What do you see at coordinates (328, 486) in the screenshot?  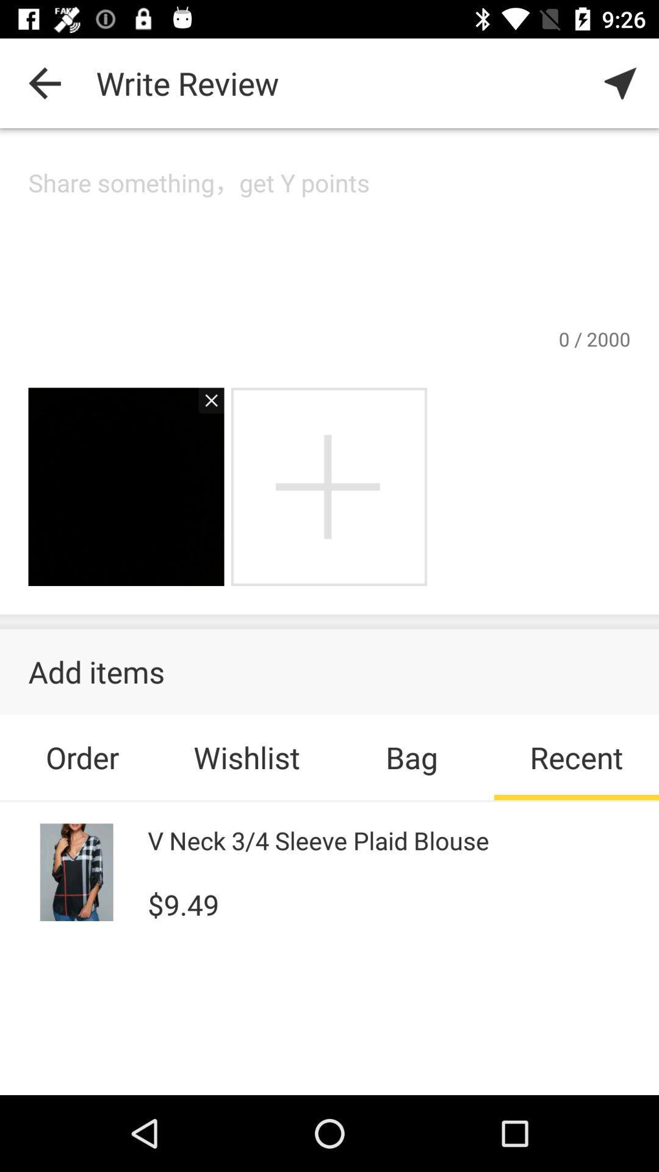 I see `photo` at bounding box center [328, 486].